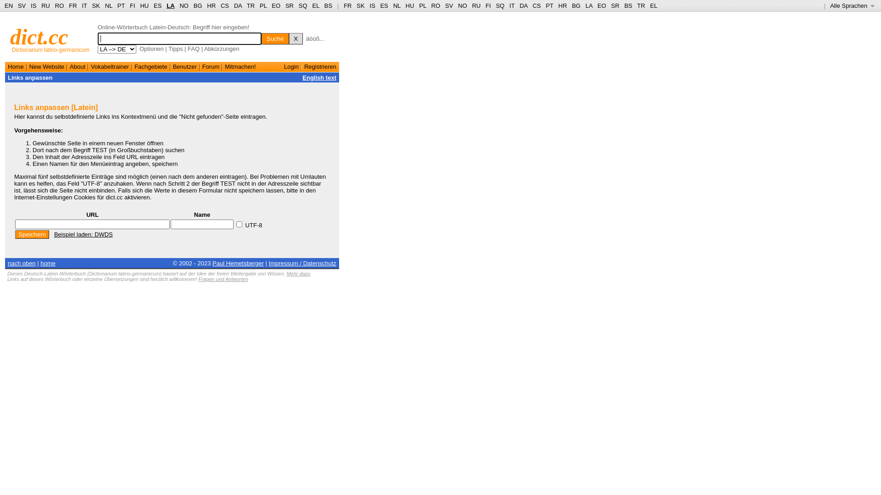 Image resolution: width=881 pixels, height=495 pixels. Describe the element at coordinates (197, 5) in the screenshot. I see `'BG'` at that location.